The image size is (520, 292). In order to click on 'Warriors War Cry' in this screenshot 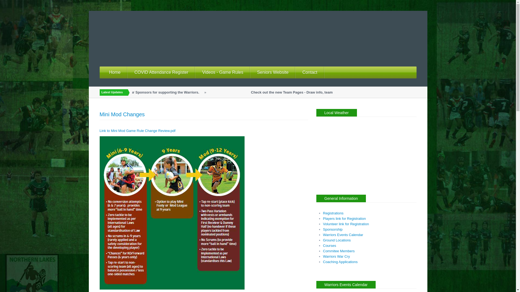, I will do `click(336, 256)`.